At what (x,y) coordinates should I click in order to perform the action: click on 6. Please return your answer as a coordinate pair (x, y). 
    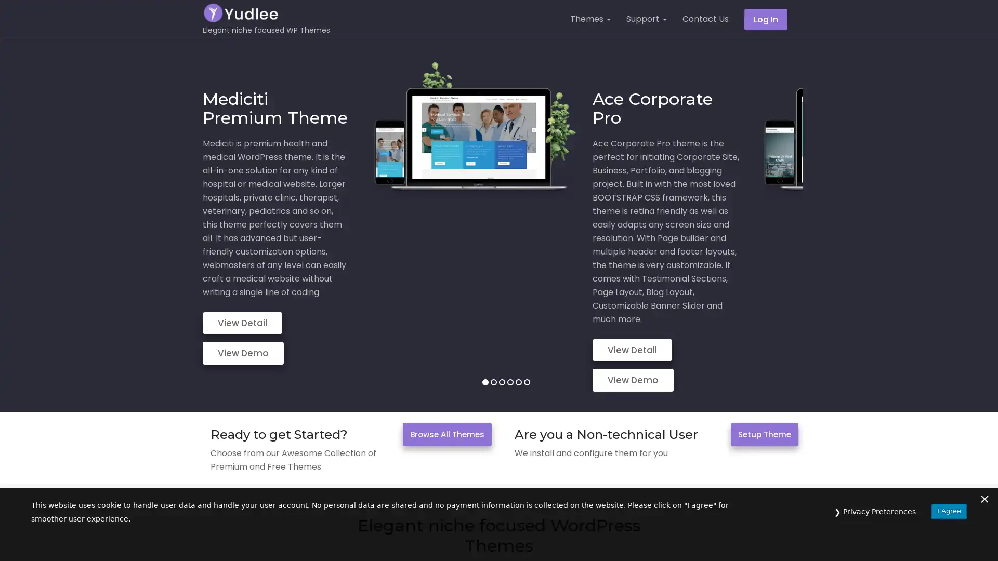
    Looking at the image, I should click on (526, 309).